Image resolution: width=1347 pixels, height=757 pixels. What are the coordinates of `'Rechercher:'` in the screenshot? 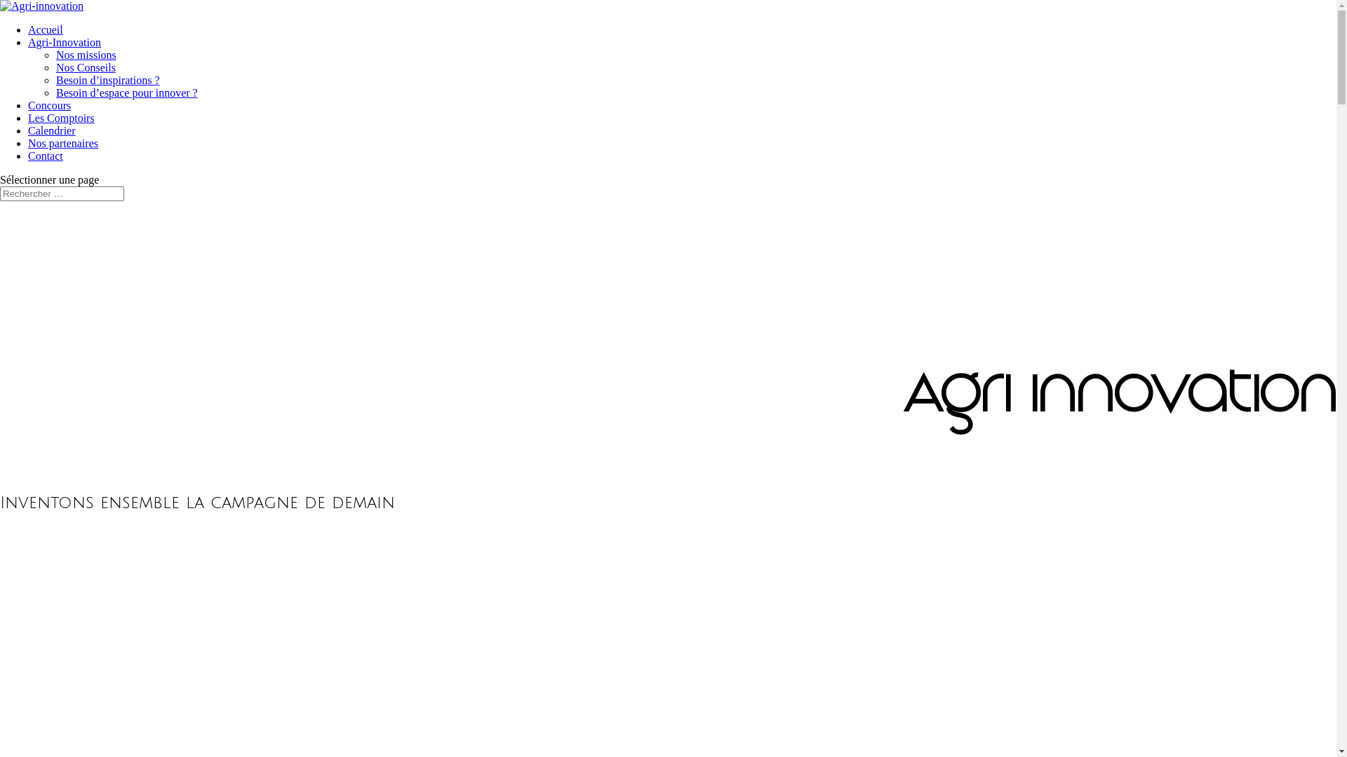 It's located at (61, 193).